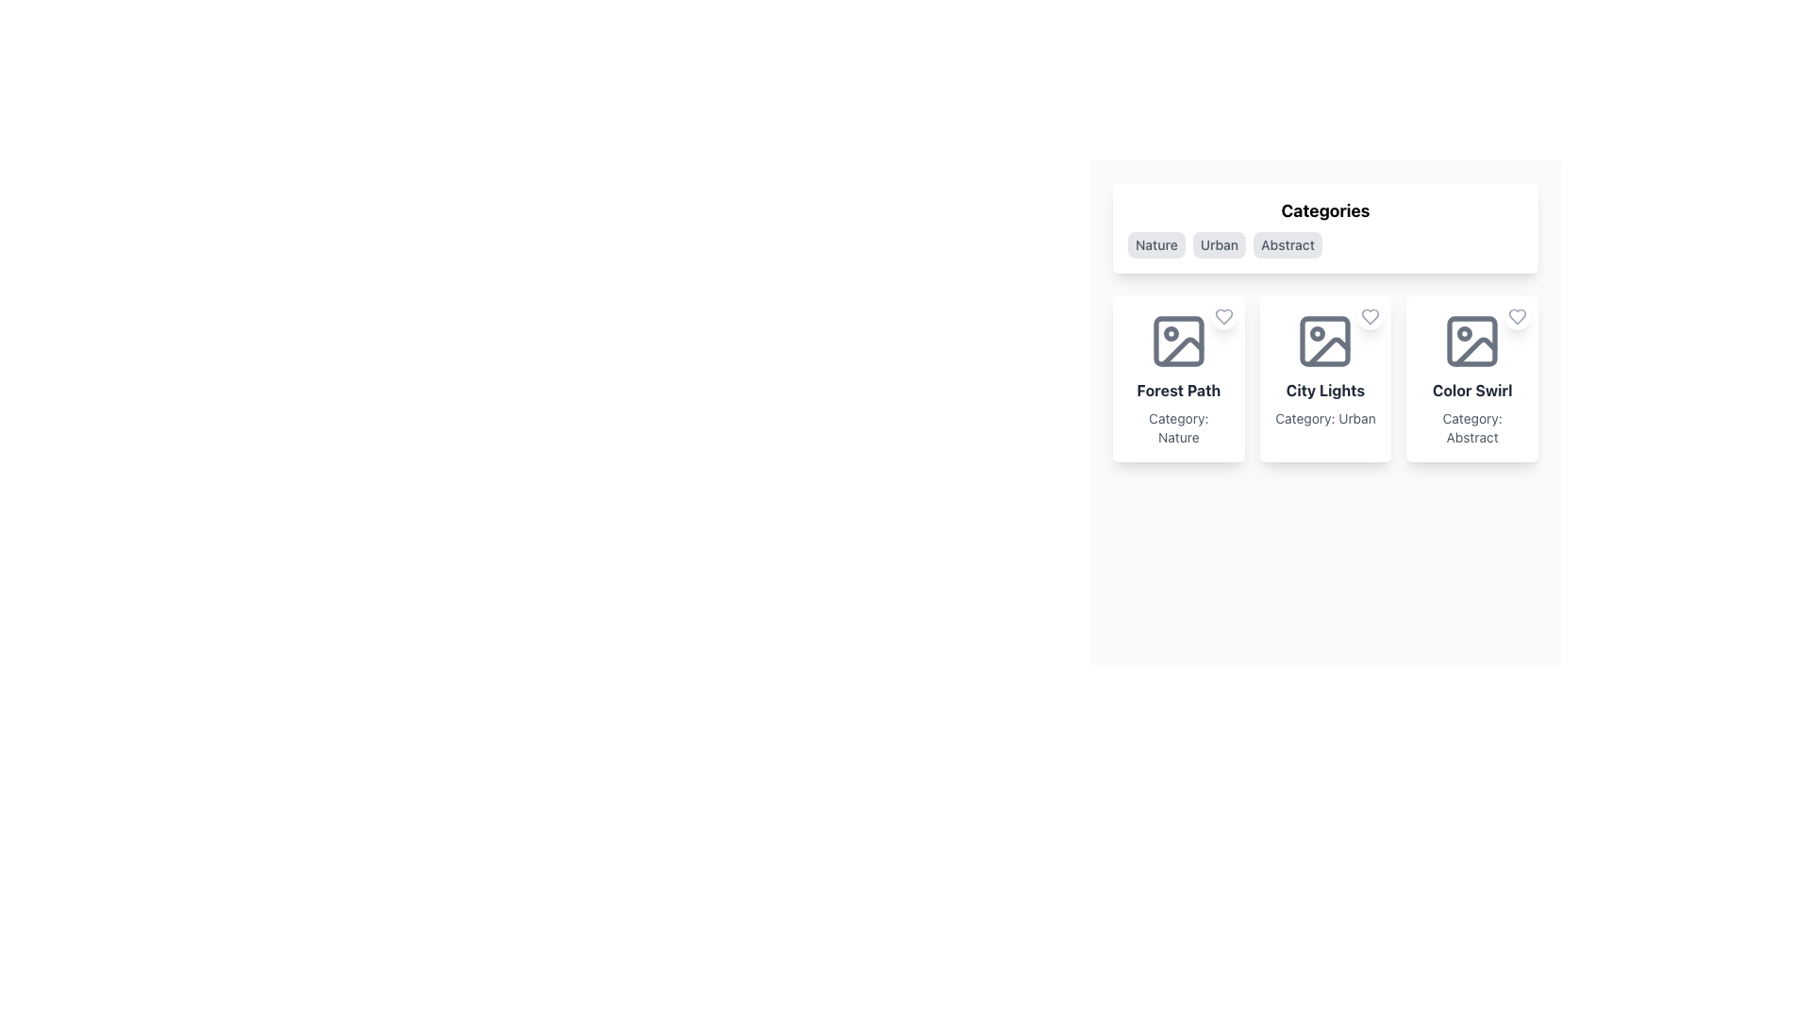 Image resolution: width=1811 pixels, height=1019 pixels. I want to click on the heart-shaped icon in the top-right corner of the 'Color Swirl' card, so click(1517, 315).